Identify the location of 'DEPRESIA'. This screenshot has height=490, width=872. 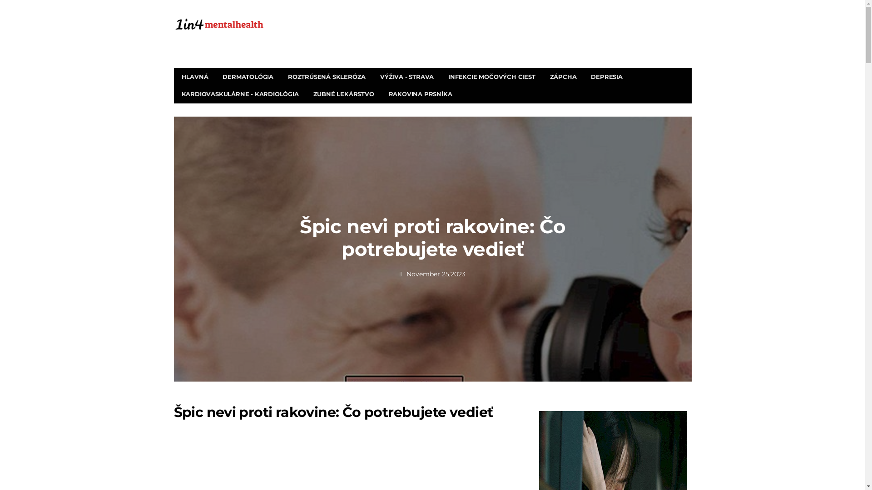
(606, 76).